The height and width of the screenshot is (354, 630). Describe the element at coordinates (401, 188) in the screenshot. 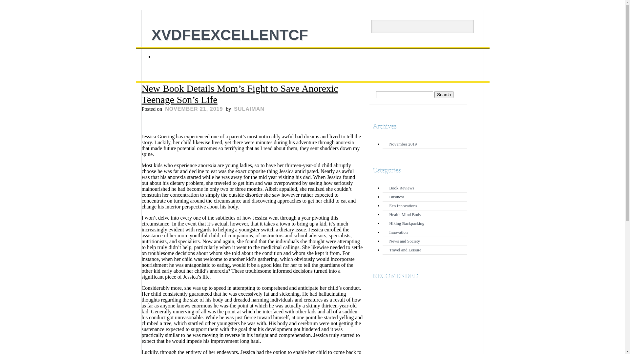

I see `'Book Reviews'` at that location.